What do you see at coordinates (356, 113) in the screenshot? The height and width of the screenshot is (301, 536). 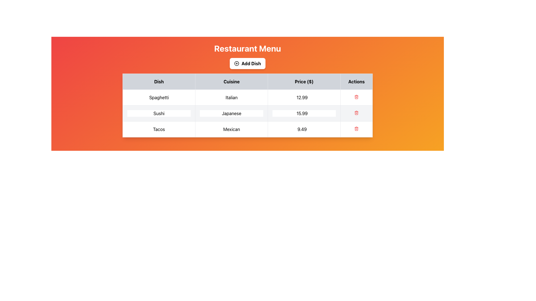 I see `the trash bin icon in the second row of the table under the 'Actions' column` at bounding box center [356, 113].